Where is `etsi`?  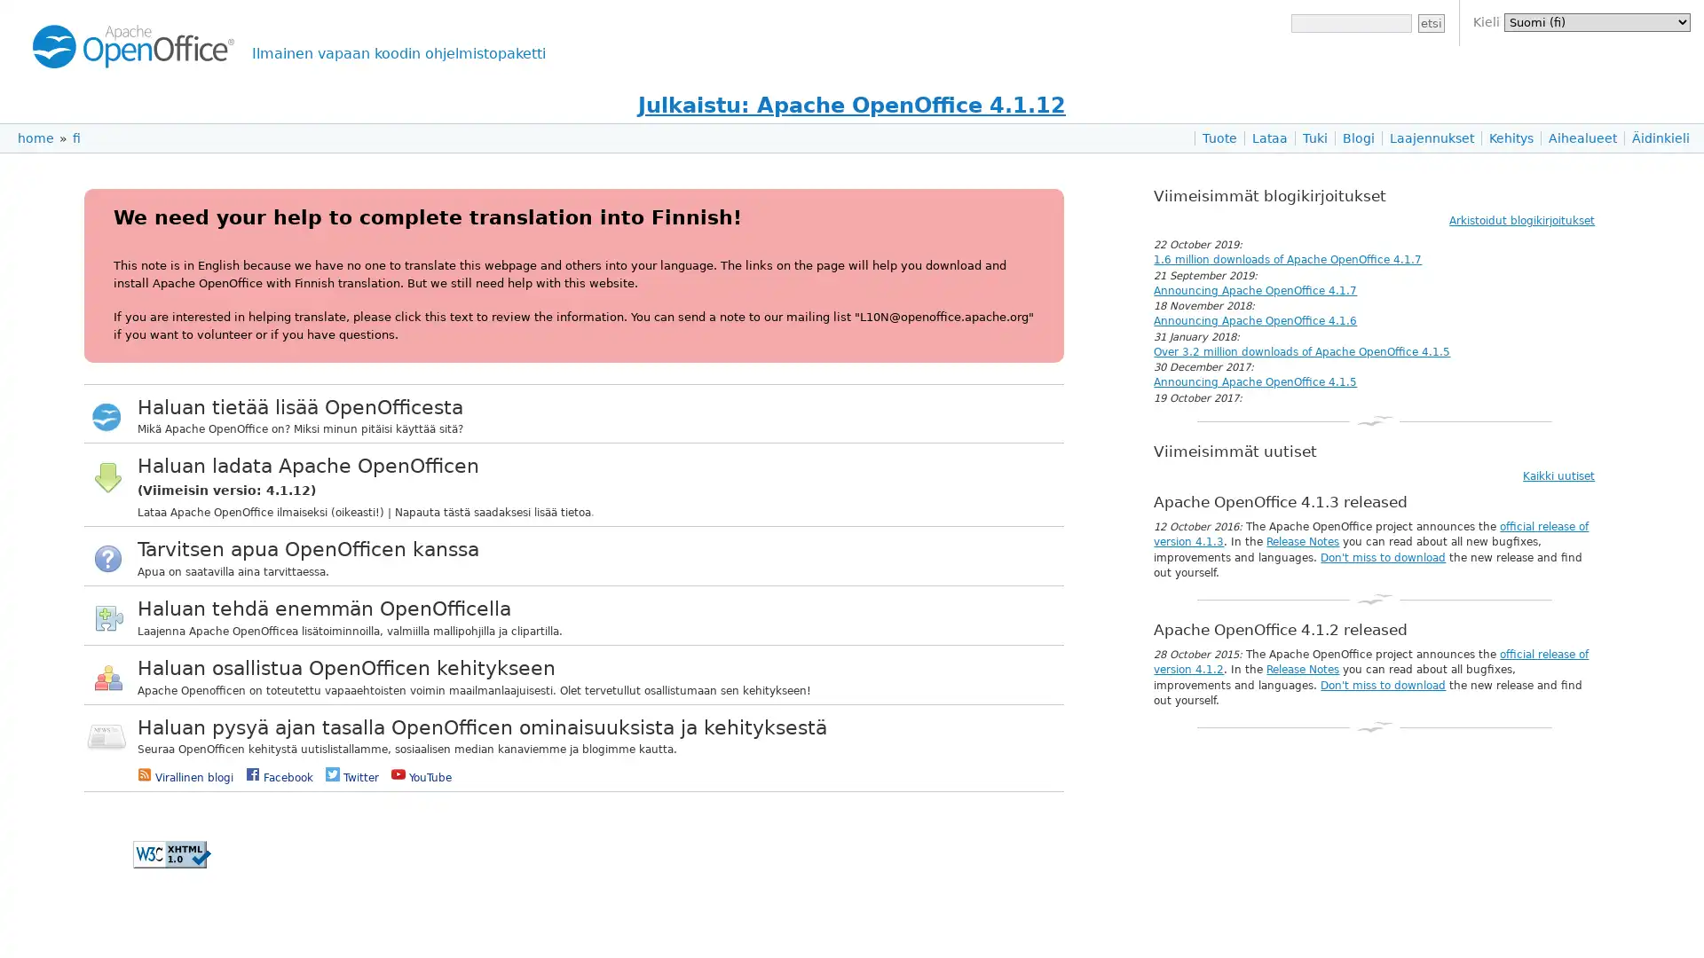
etsi is located at coordinates (1431, 23).